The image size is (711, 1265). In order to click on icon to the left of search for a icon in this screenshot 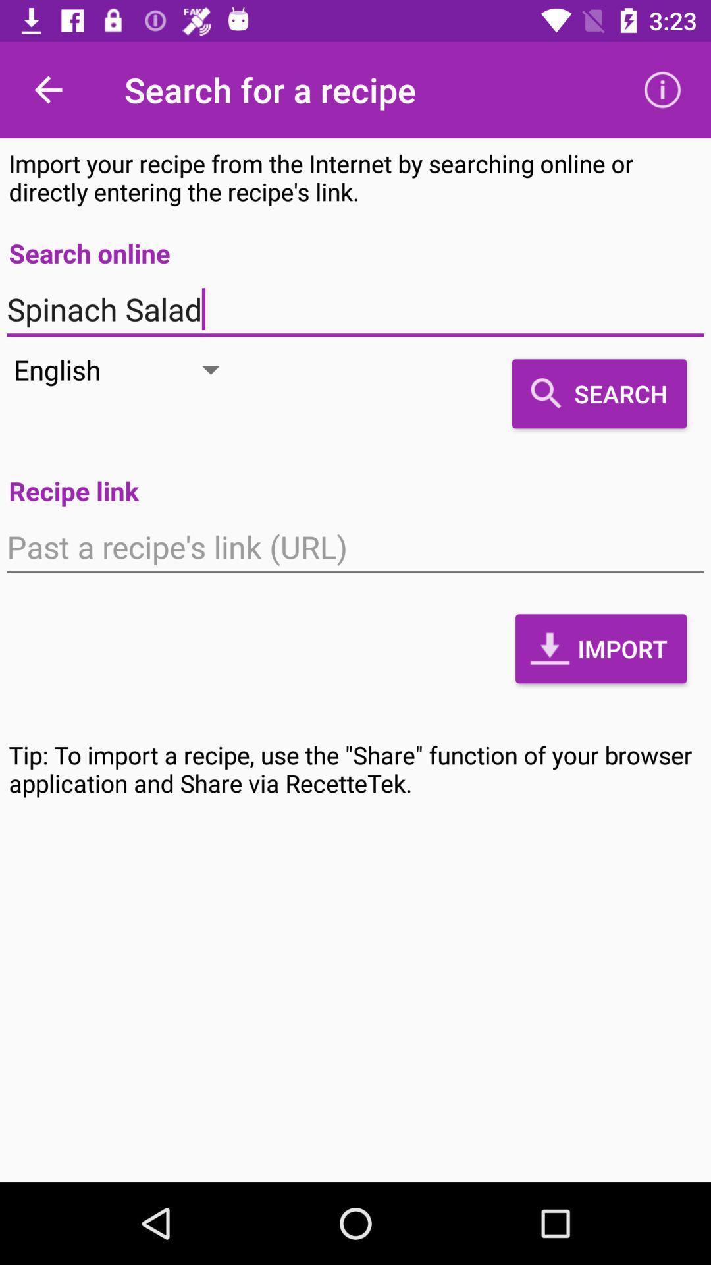, I will do `click(47, 89)`.